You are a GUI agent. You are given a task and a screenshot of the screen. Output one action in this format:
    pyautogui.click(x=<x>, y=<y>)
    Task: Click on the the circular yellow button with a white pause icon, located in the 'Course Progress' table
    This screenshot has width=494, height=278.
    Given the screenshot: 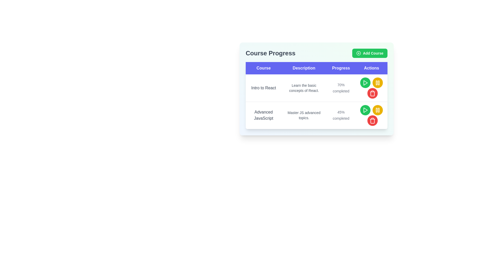 What is the action you would take?
    pyautogui.click(x=378, y=110)
    